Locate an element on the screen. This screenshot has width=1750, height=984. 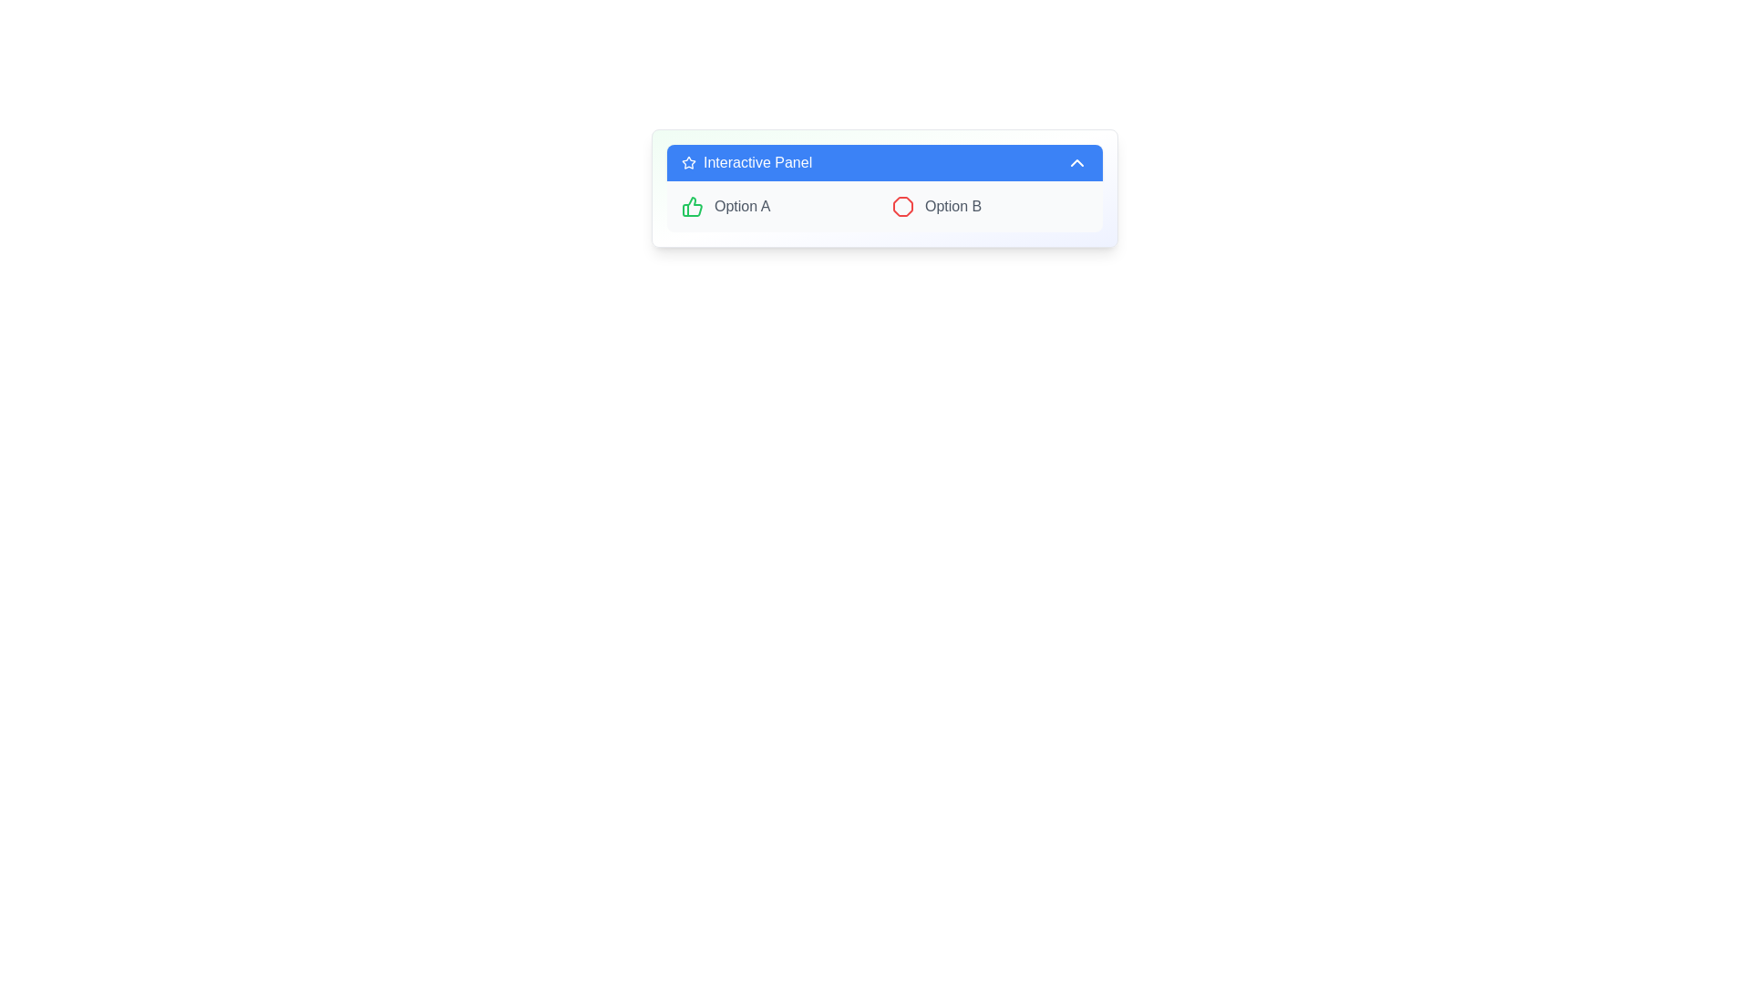
the warning icon located in the secondary panel, which is the second option in a horizontal list of icon-text pairs, positioned immediately to the right of the green thumbs-up icon and 'Option A' label is located at coordinates (902, 206).